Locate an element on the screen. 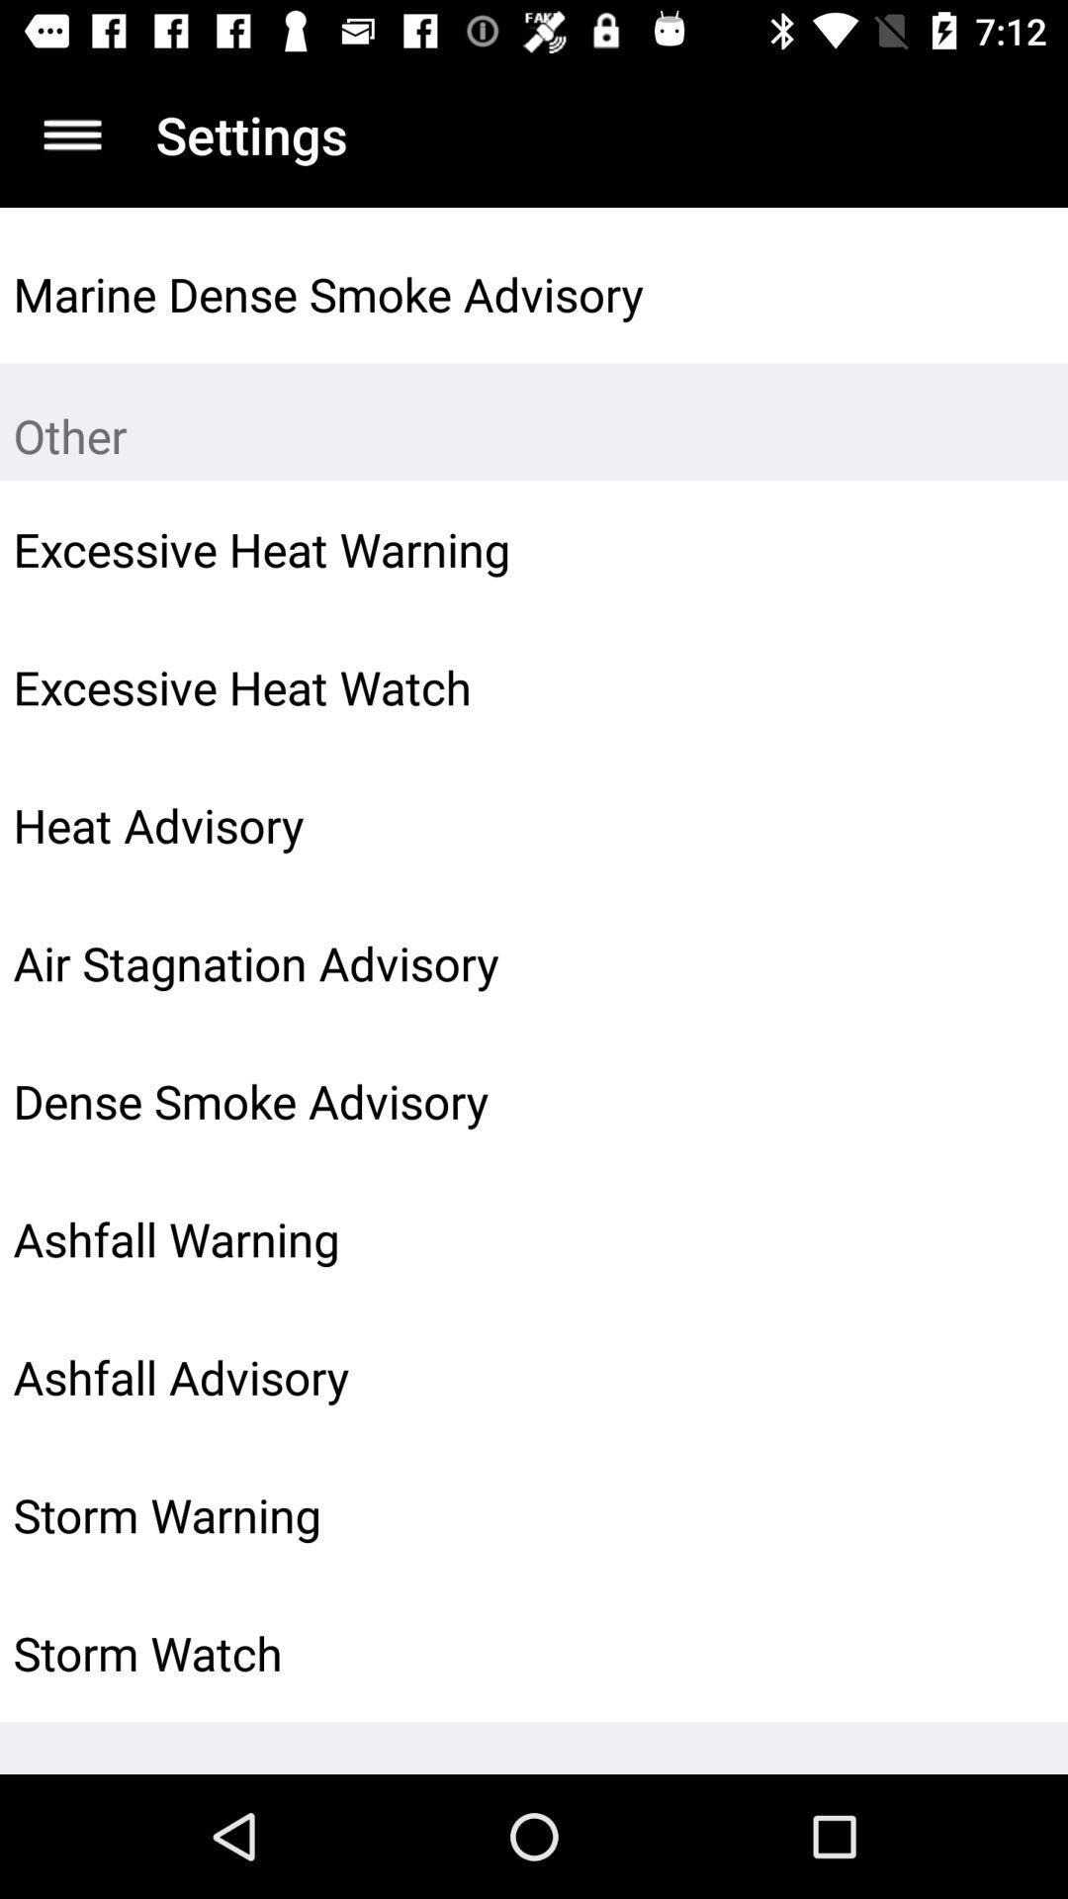 Image resolution: width=1068 pixels, height=1899 pixels. item to the right of the ashfall advisory item is located at coordinates (1006, 1376).